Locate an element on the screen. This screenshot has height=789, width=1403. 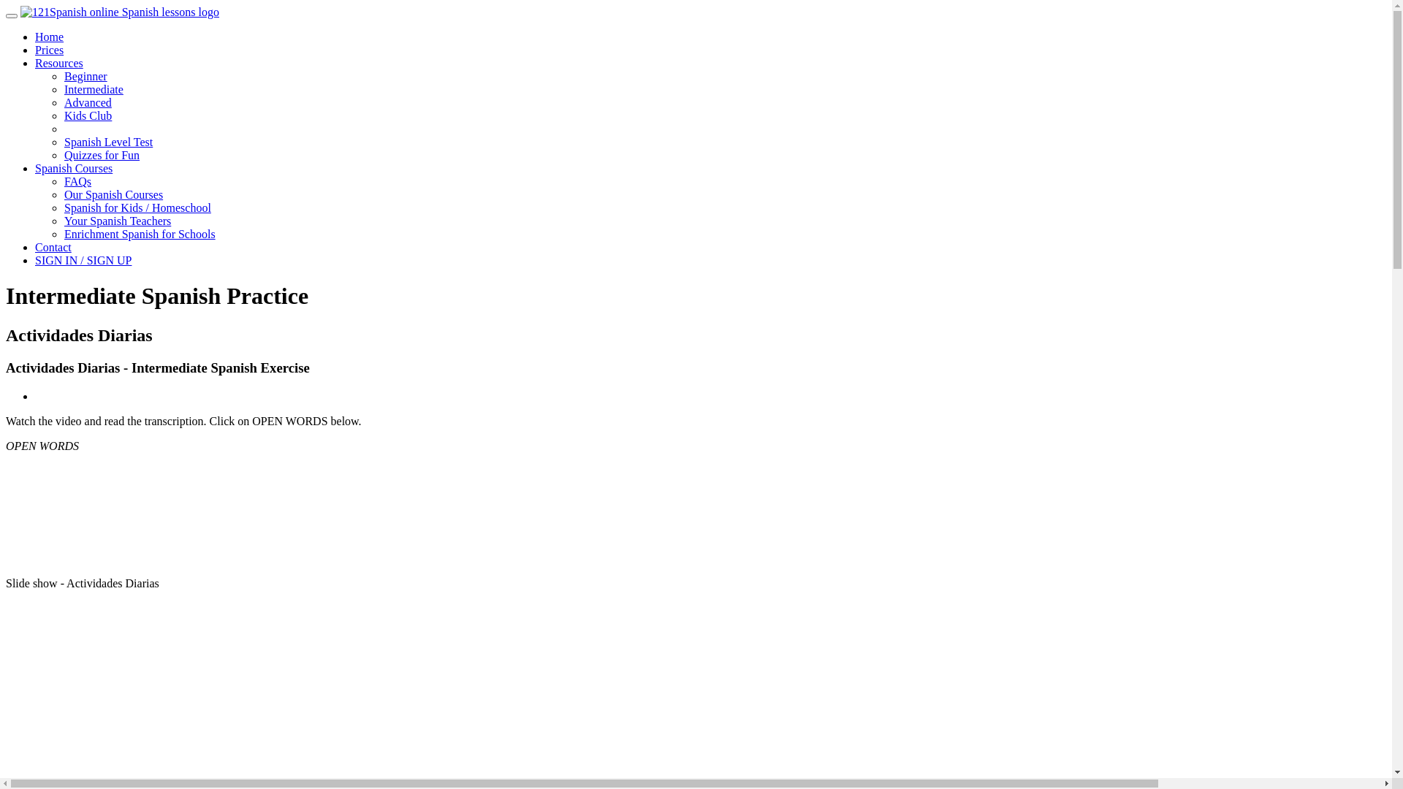
'Quizzes for Fun' is located at coordinates (101, 155).